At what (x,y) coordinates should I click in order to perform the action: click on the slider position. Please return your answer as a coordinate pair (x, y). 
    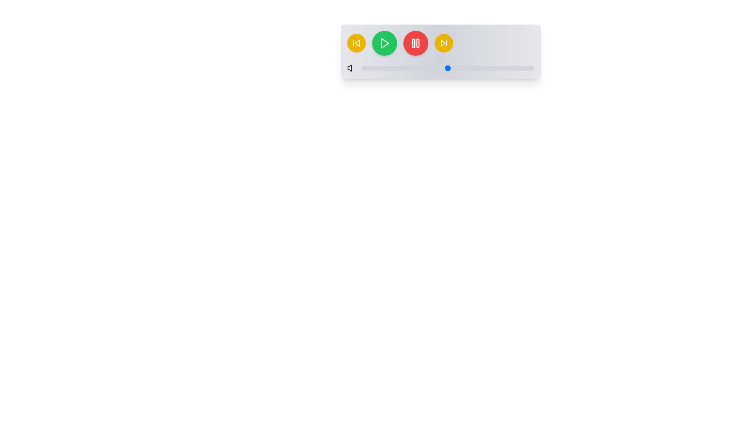
    Looking at the image, I should click on (505, 67).